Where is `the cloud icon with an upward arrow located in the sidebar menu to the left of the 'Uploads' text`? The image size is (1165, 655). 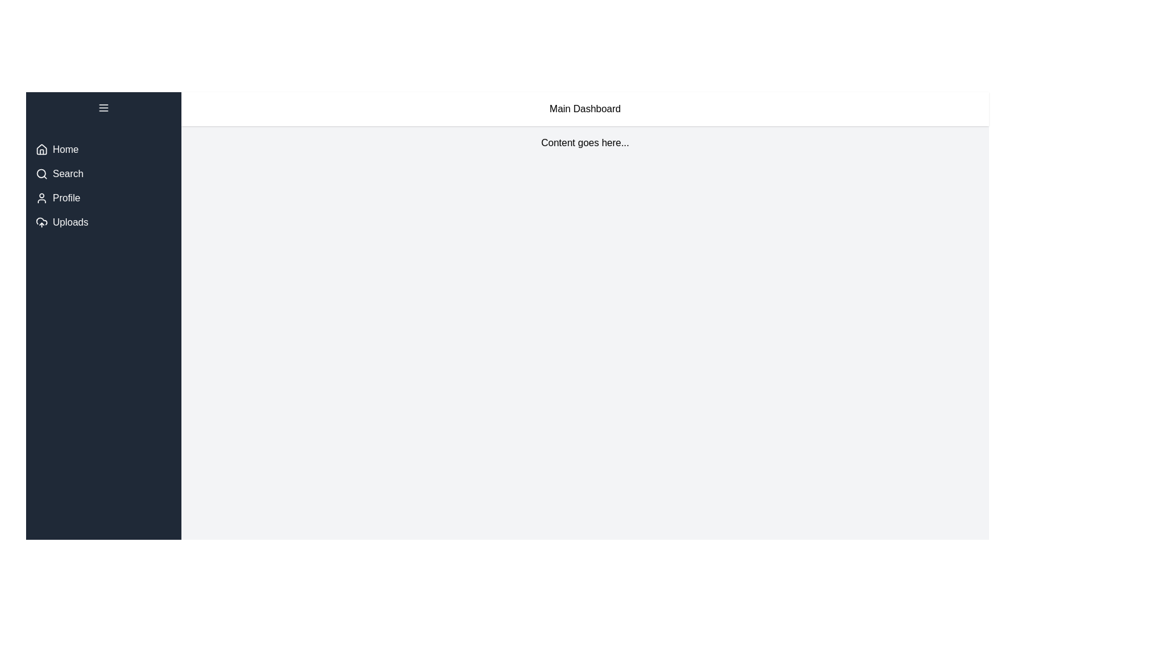 the cloud icon with an upward arrow located in the sidebar menu to the left of the 'Uploads' text is located at coordinates (41, 222).